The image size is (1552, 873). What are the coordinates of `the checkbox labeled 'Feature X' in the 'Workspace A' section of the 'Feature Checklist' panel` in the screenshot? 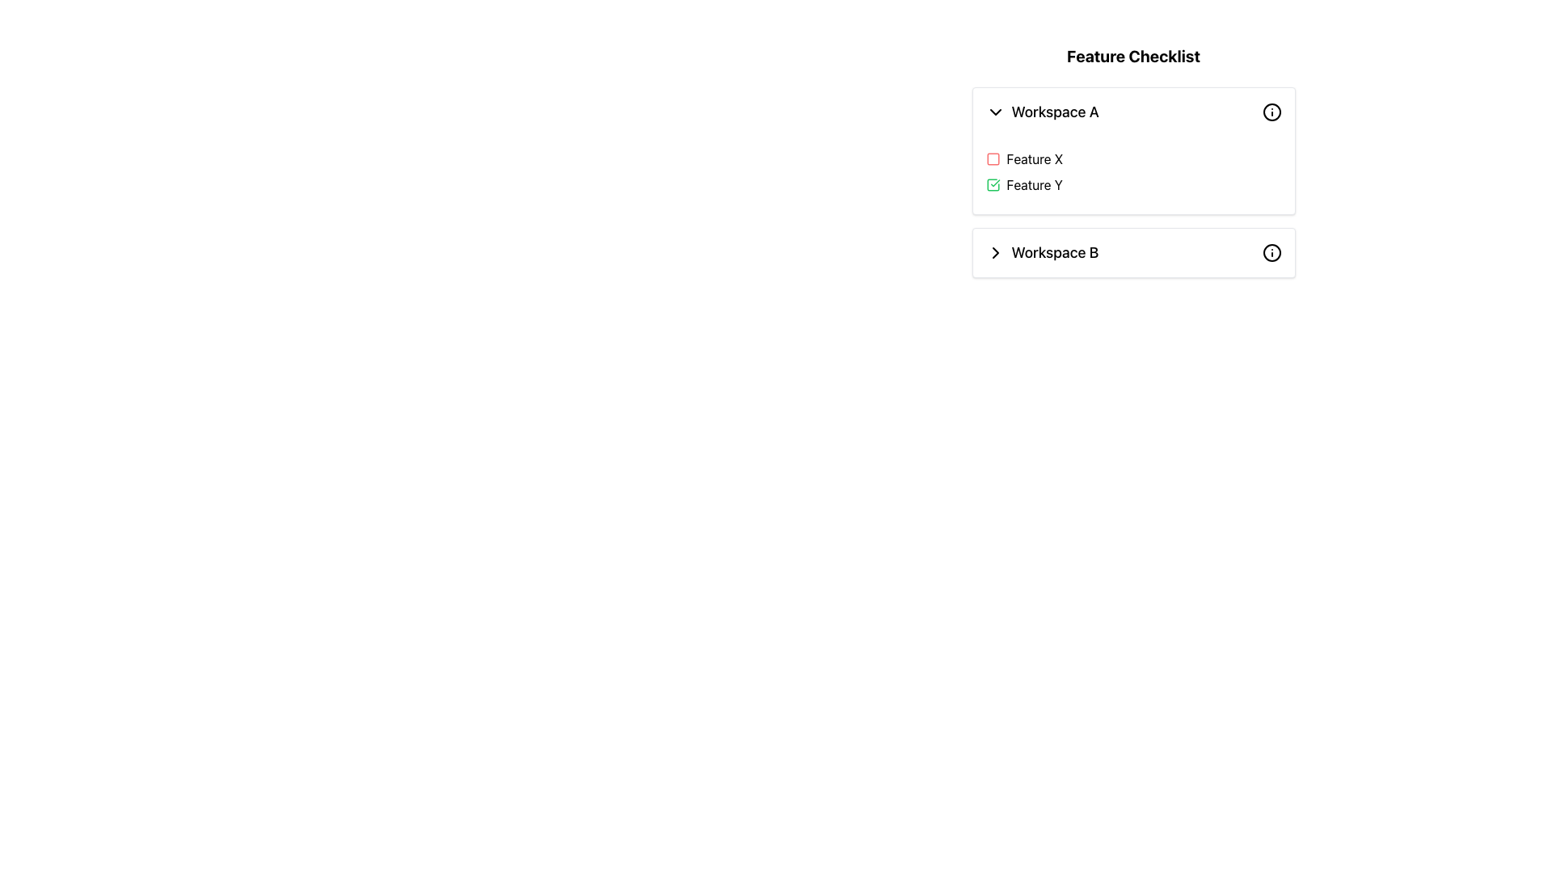 It's located at (1023, 158).